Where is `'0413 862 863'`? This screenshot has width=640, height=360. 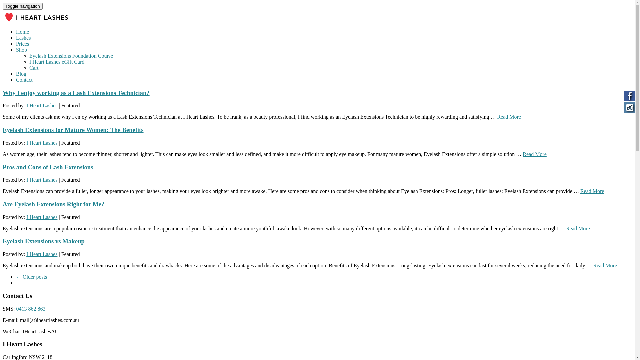
'0413 862 863' is located at coordinates (16, 309).